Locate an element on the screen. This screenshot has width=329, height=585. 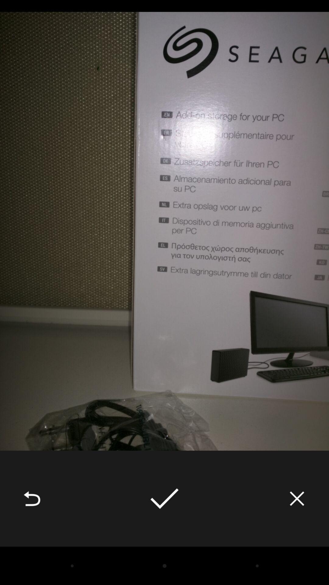
icon at the bottom right corner is located at coordinates (297, 498).